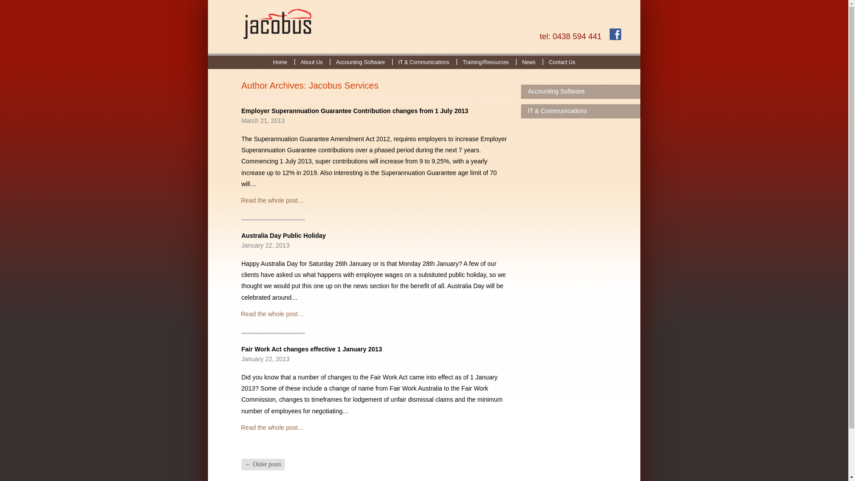 The width and height of the screenshot is (855, 481). I want to click on 'Home', so click(279, 61).